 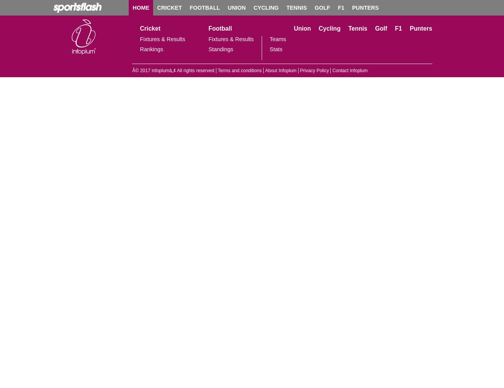 What do you see at coordinates (420, 28) in the screenshot?
I see `'Punters'` at bounding box center [420, 28].